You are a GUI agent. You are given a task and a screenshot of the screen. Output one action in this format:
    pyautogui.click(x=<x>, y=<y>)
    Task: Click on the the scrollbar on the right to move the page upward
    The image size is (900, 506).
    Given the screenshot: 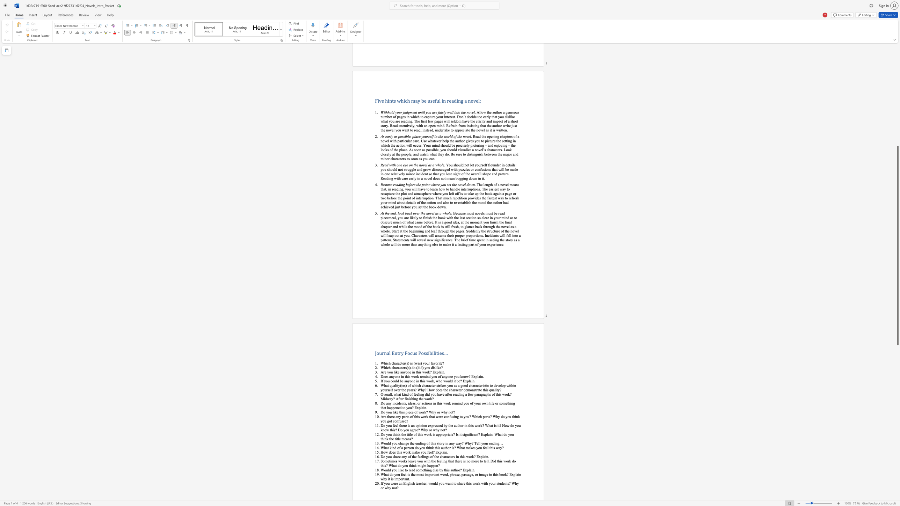 What is the action you would take?
    pyautogui.click(x=897, y=121)
    